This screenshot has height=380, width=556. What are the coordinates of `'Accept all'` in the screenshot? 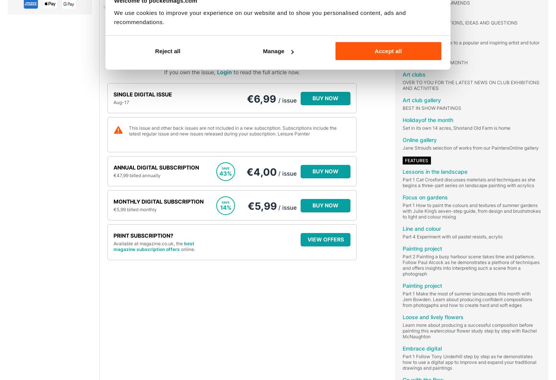 It's located at (388, 51).